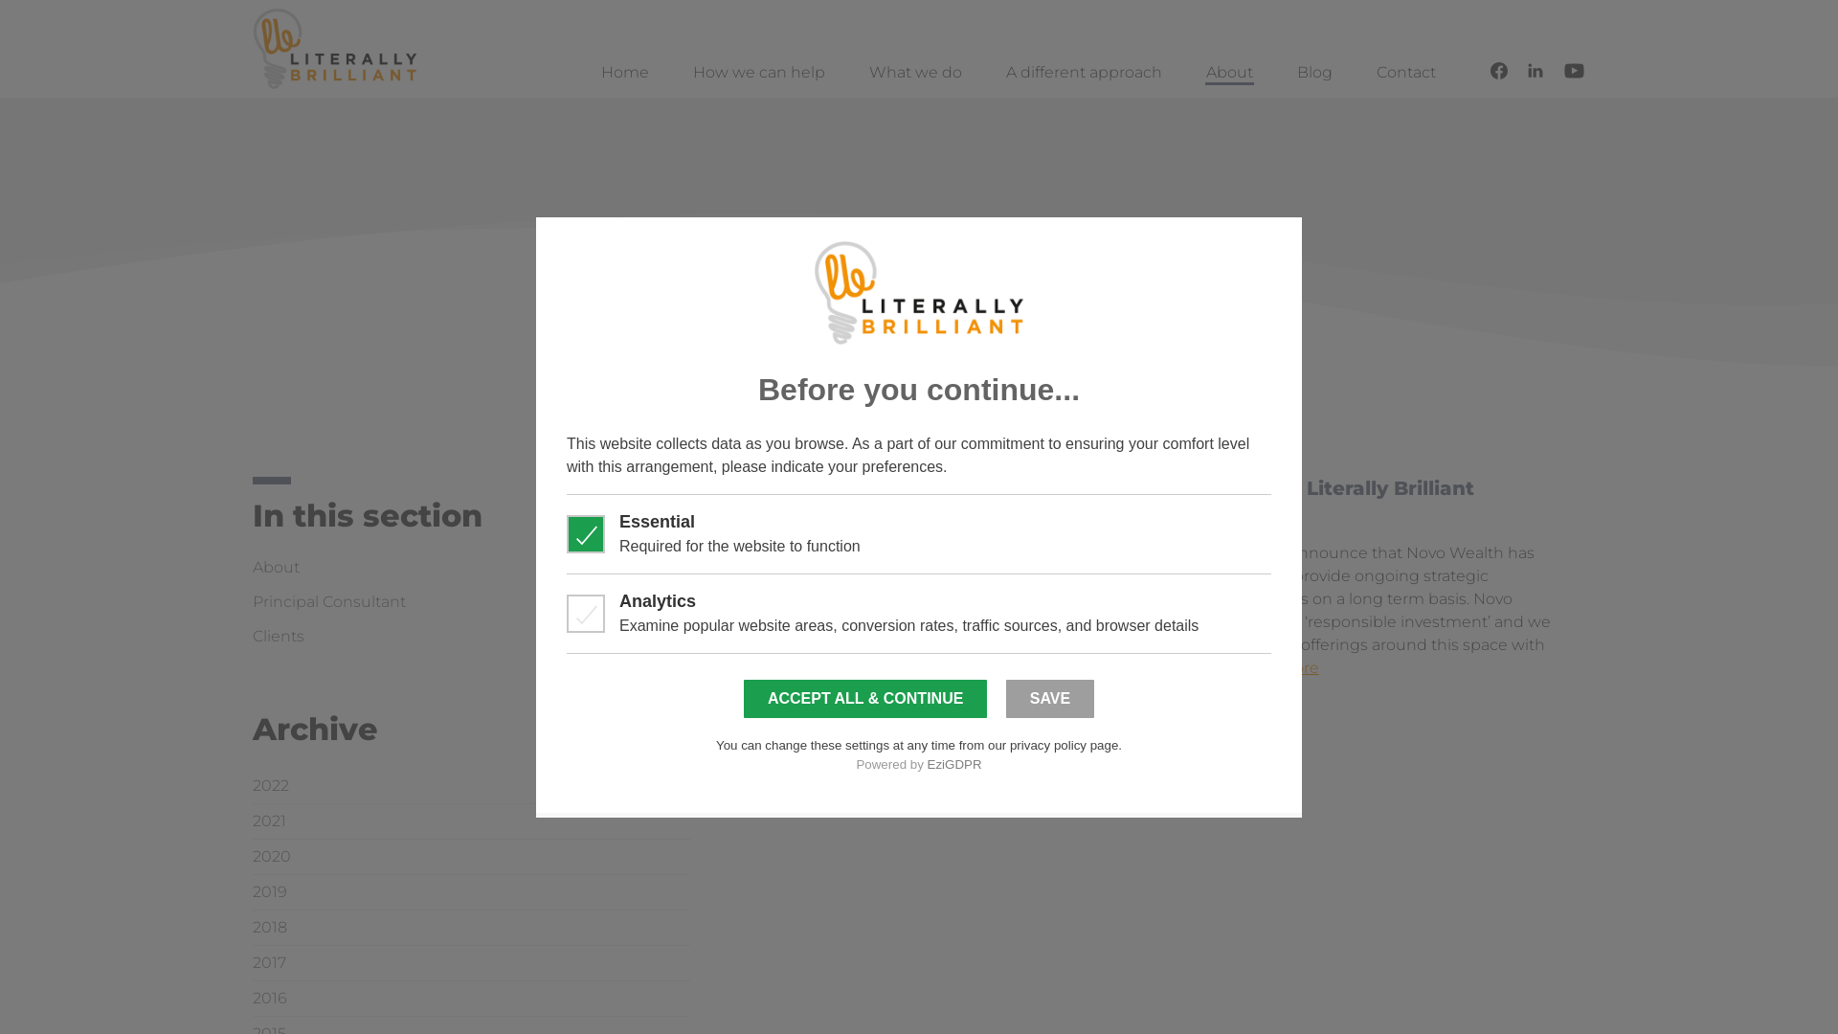 Image resolution: width=1838 pixels, height=1034 pixels. Describe the element at coordinates (1497, 69) in the screenshot. I see `'Follow us on Facebook'` at that location.